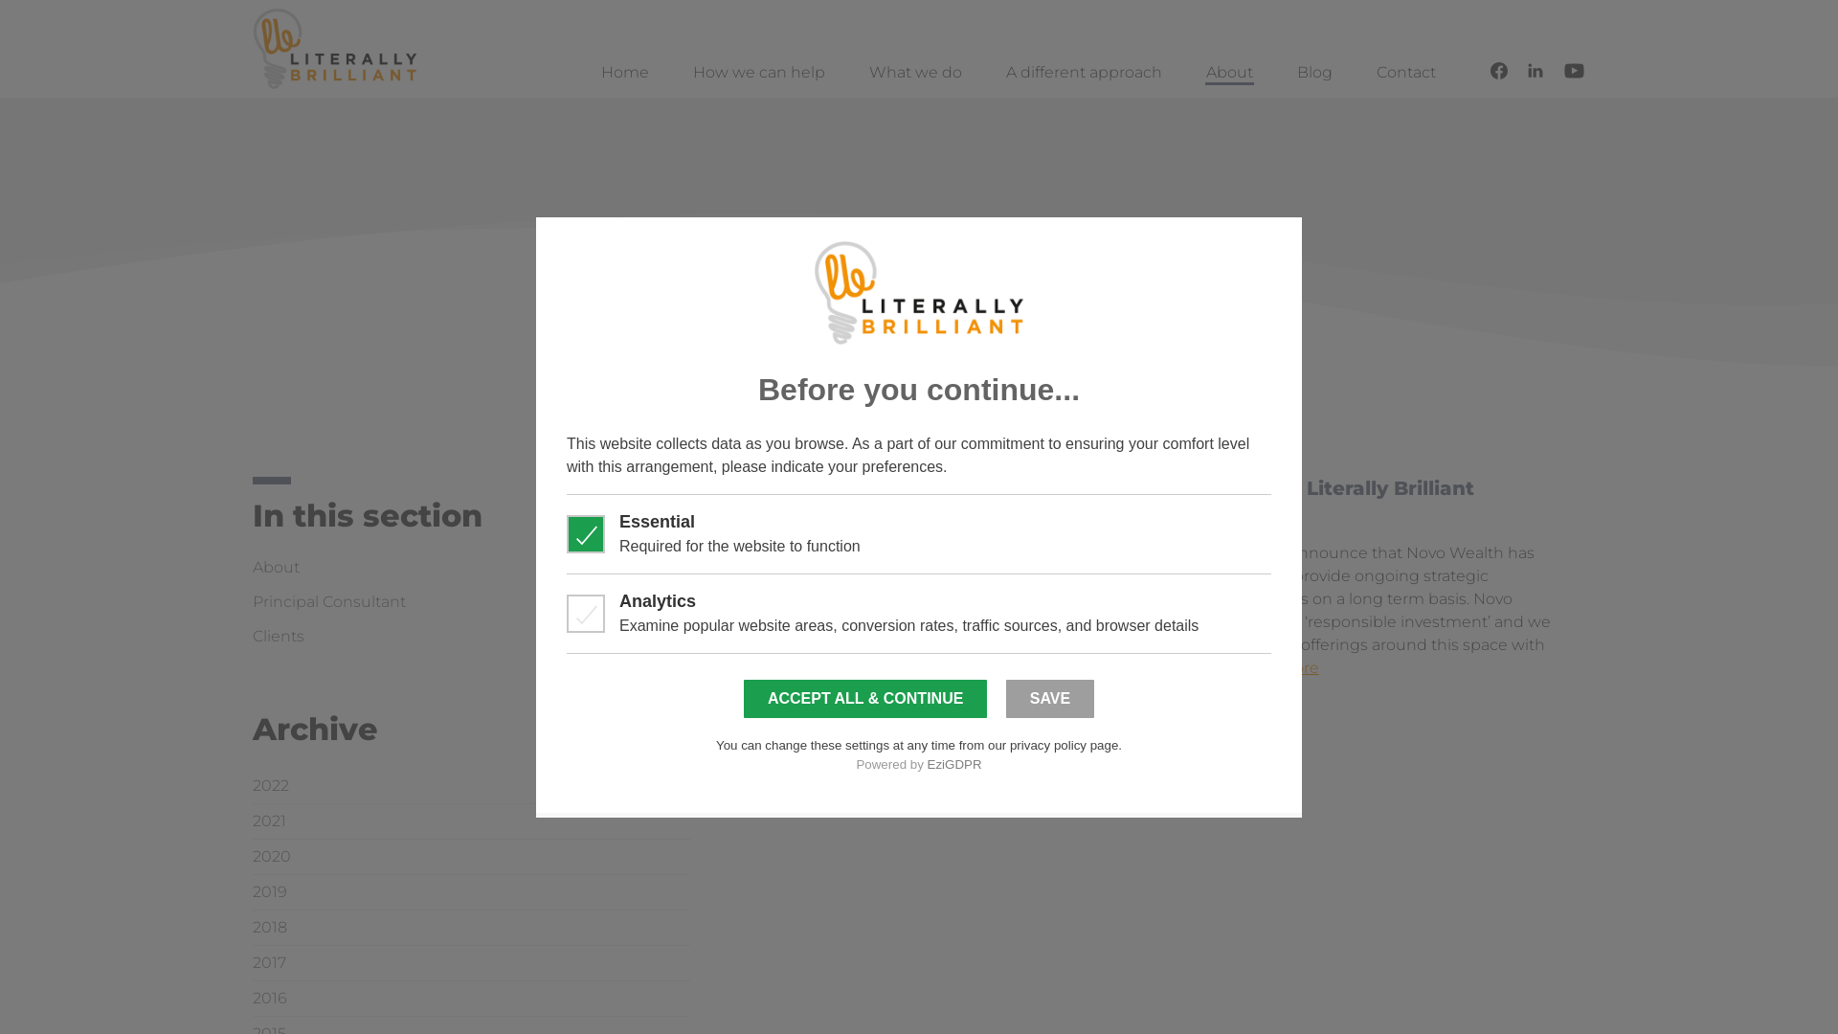 Image resolution: width=1838 pixels, height=1034 pixels. Describe the element at coordinates (1497, 69) in the screenshot. I see `'Follow us on Facebook'` at that location.